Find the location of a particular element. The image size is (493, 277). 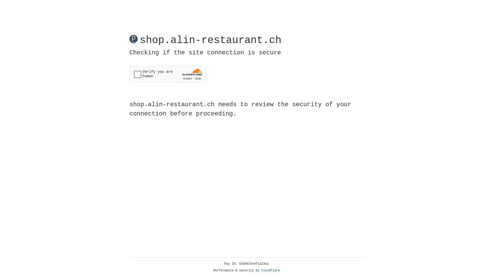

'Widget containing a Cloudflare security challenge' is located at coordinates (168, 74).